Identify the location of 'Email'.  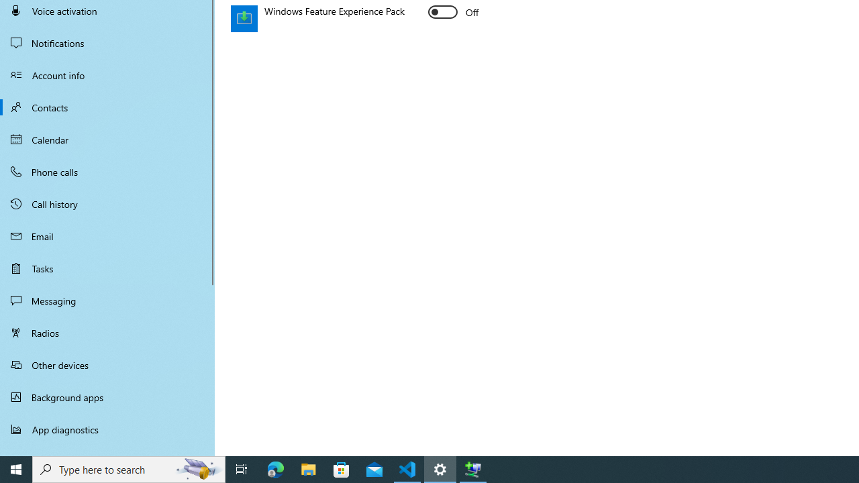
(107, 235).